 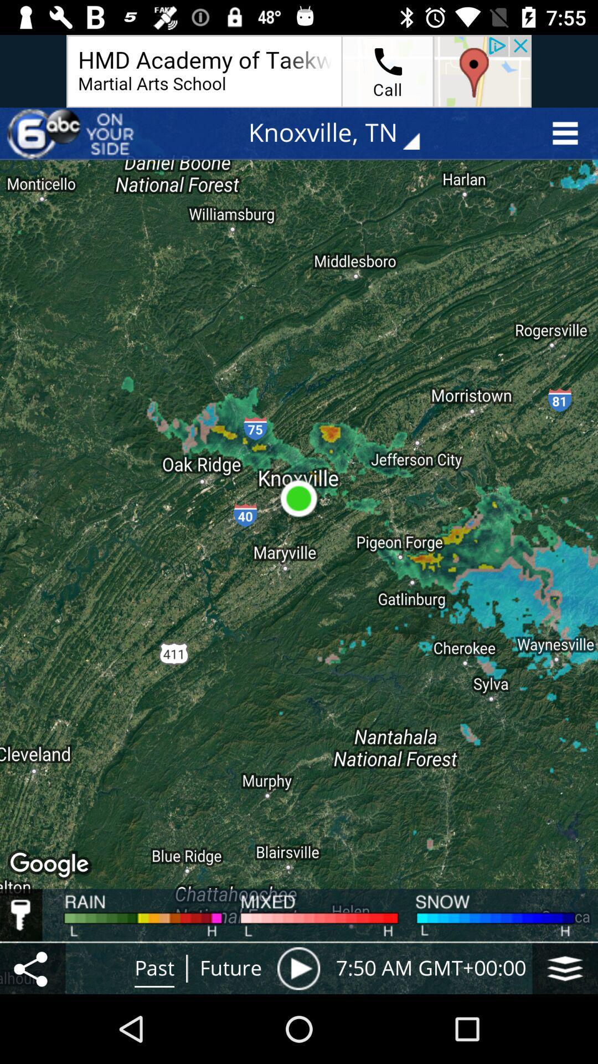 I want to click on the item at the top left corner, so click(x=73, y=133).